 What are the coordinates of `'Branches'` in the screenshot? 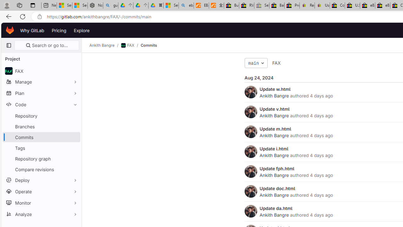 It's located at (41, 126).